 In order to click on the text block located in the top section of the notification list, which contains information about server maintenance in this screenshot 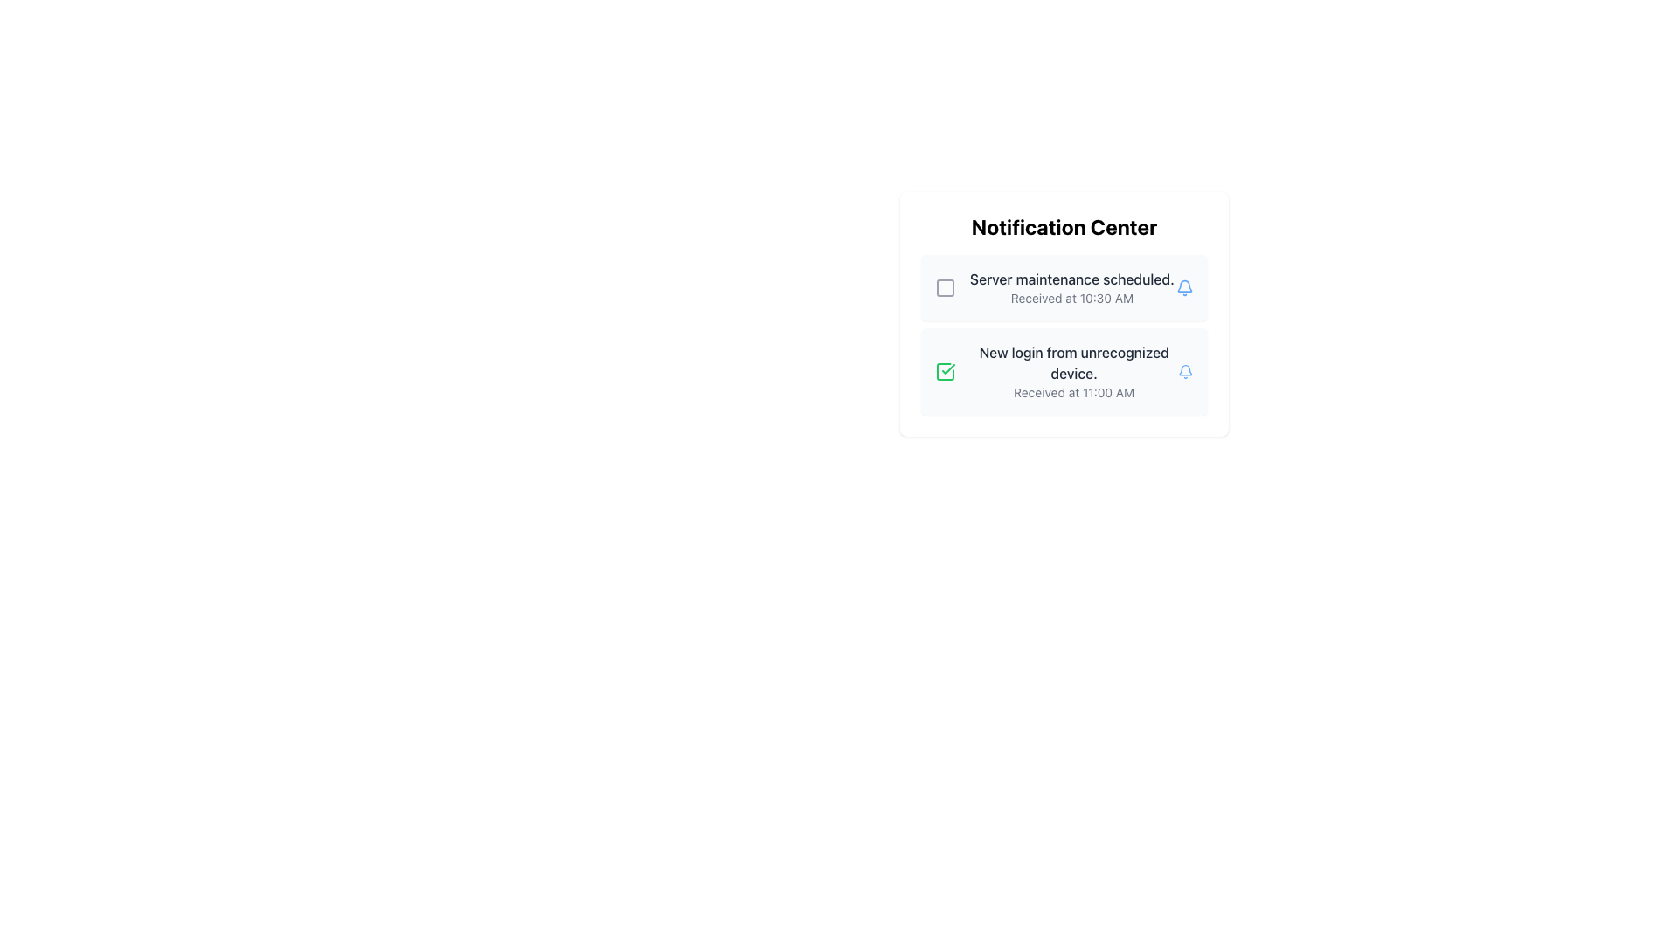, I will do `click(1071, 287)`.